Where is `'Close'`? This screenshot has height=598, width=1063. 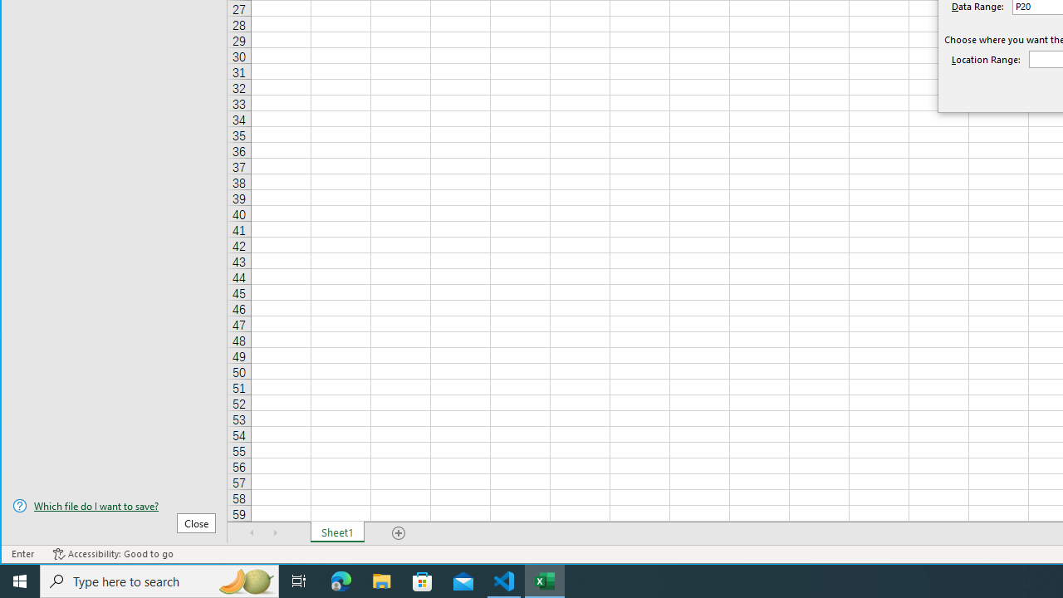 'Close' is located at coordinates (196, 523).